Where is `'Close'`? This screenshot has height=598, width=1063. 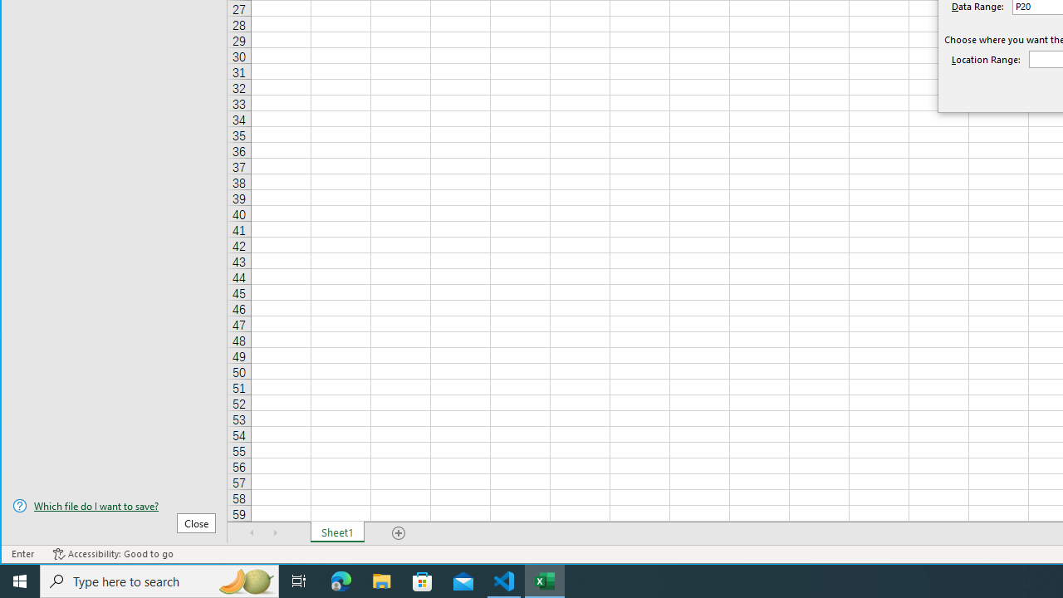 'Close' is located at coordinates (196, 523).